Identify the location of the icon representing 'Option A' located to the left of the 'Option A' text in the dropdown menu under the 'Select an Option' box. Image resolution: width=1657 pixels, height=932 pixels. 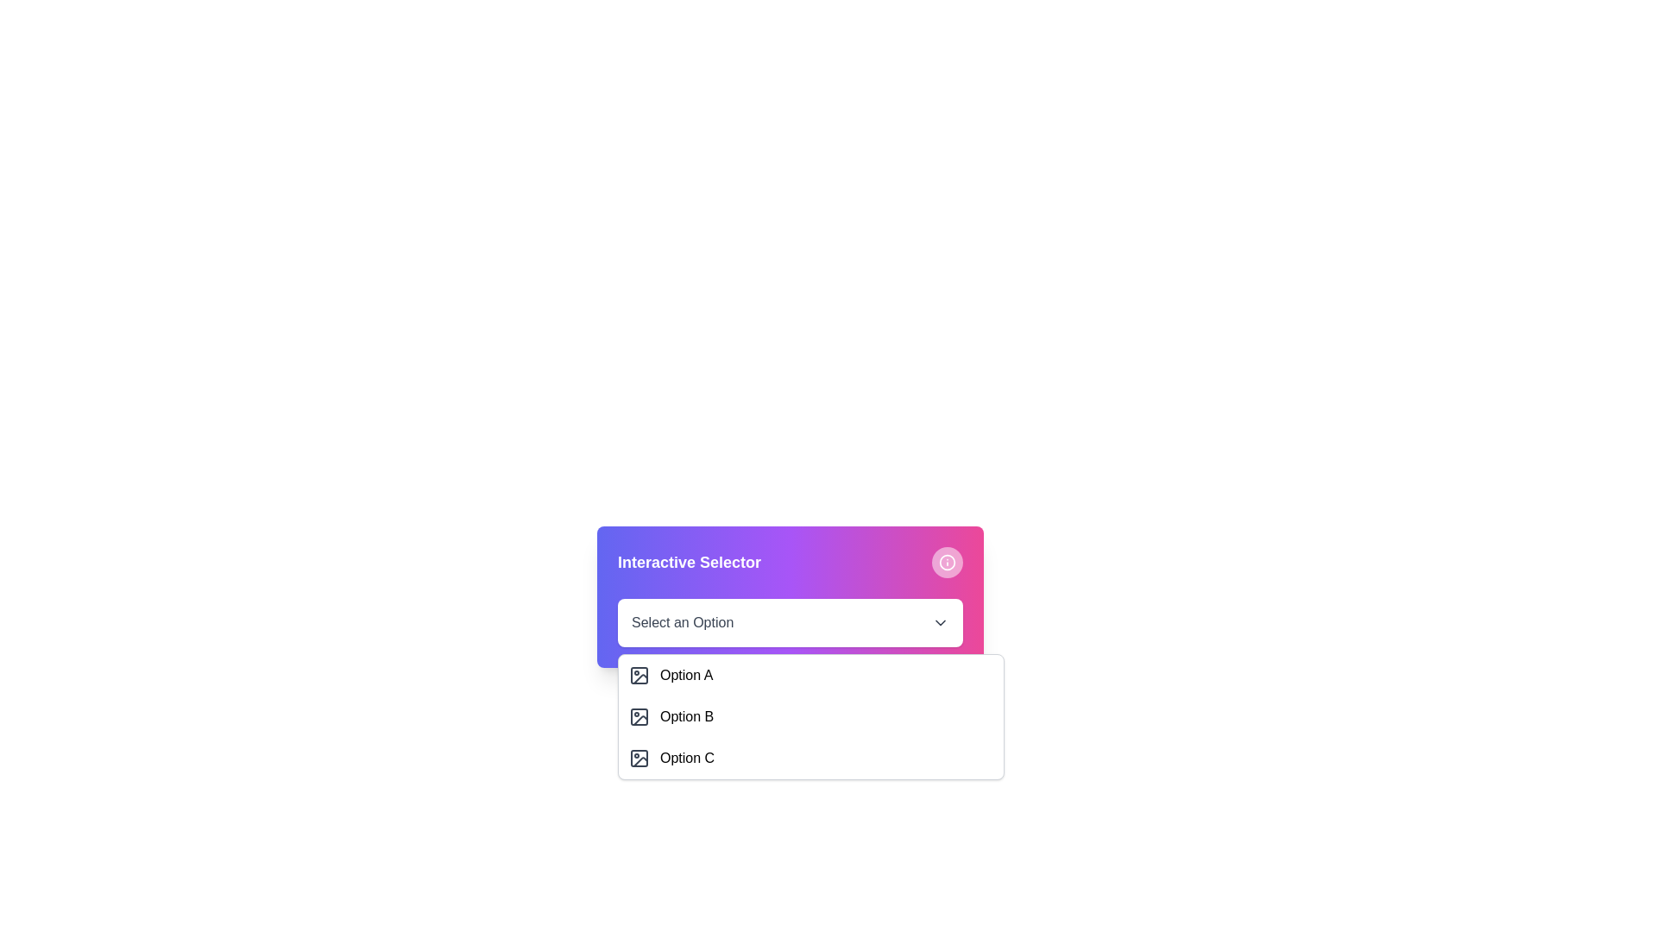
(638, 675).